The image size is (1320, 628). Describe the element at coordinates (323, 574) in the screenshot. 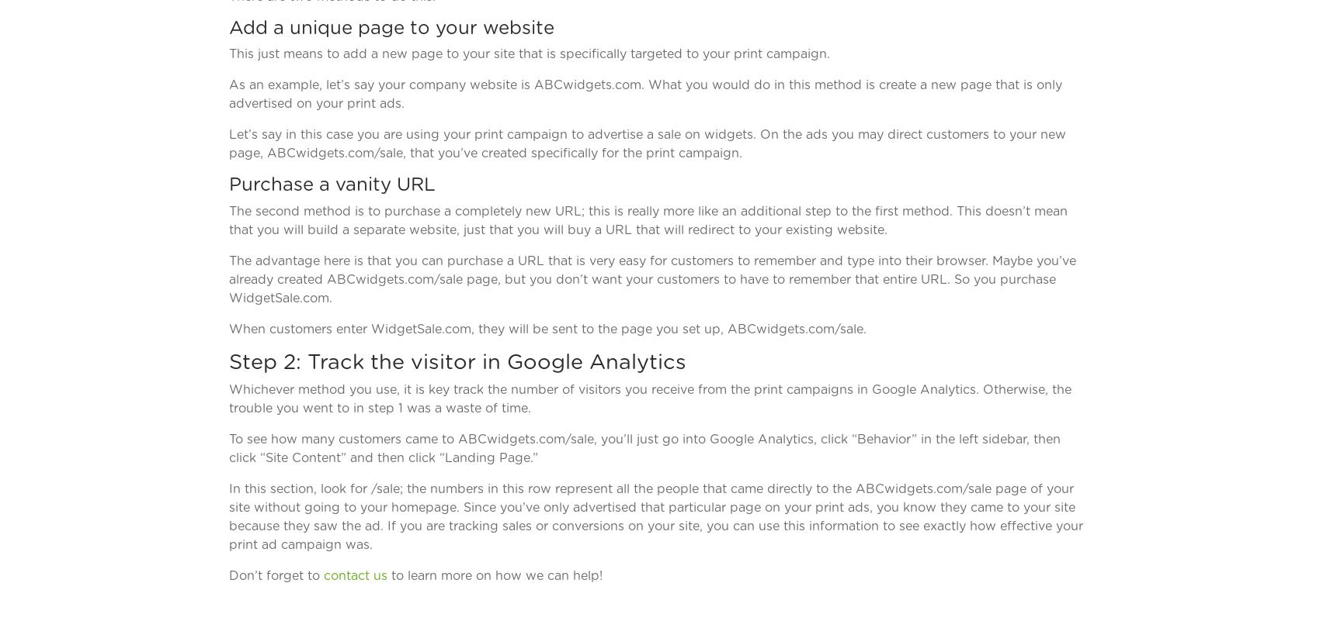

I see `'contact us'` at that location.